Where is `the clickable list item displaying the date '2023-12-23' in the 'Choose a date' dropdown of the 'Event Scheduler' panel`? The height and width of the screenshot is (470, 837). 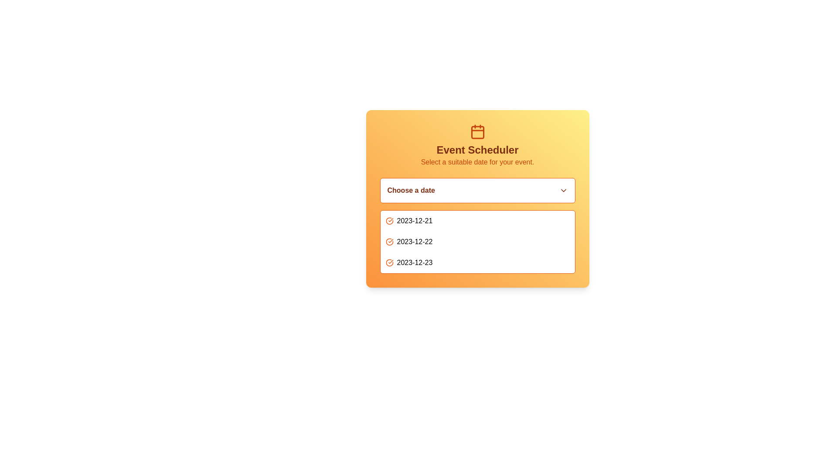
the clickable list item displaying the date '2023-12-23' in the 'Choose a date' dropdown of the 'Event Scheduler' panel is located at coordinates (477, 262).